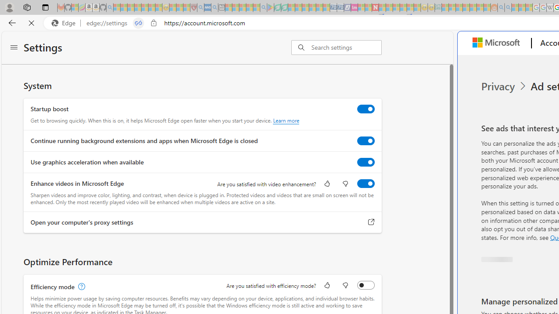 The width and height of the screenshot is (559, 314). I want to click on 'Use graphics acceleration when available', so click(366, 162).